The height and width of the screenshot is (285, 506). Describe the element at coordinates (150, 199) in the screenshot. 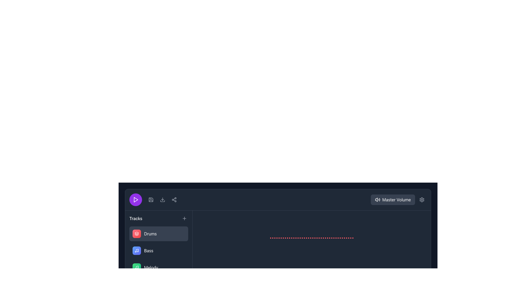

I see `the save icon located in the navigation header, specifically the second icon from the left` at that location.